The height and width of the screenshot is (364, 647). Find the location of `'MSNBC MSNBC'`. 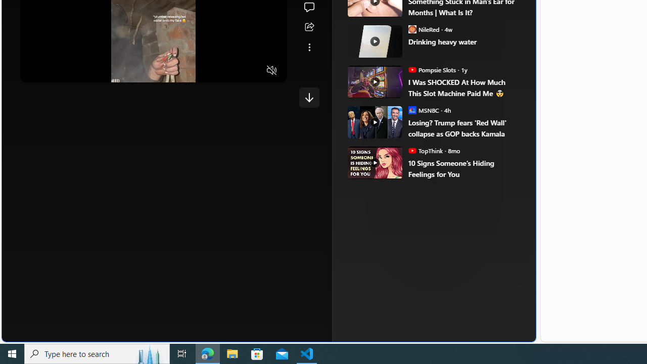

'MSNBC MSNBC' is located at coordinates (424, 110).